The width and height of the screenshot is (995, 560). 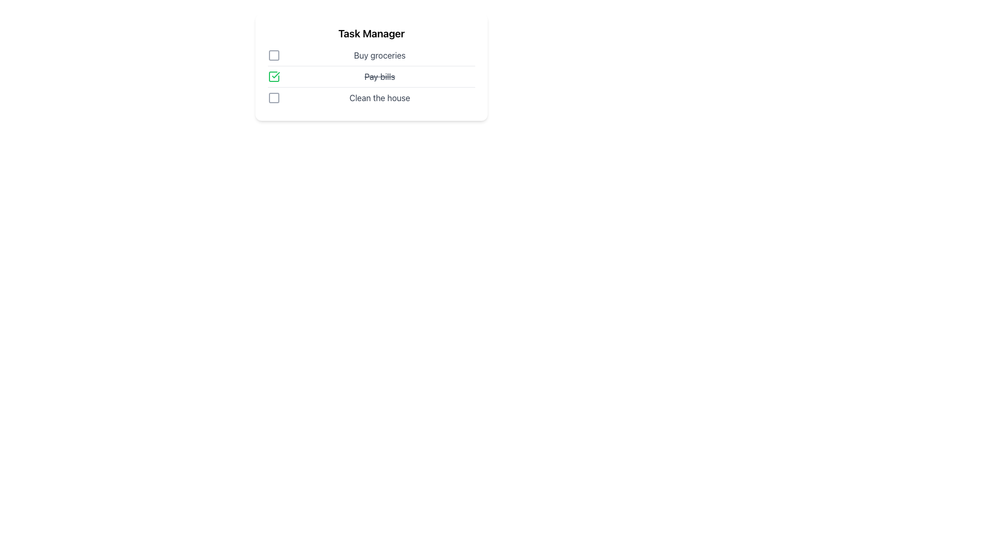 What do you see at coordinates (371, 100) in the screenshot?
I see `the third task list item with a checkbox` at bounding box center [371, 100].